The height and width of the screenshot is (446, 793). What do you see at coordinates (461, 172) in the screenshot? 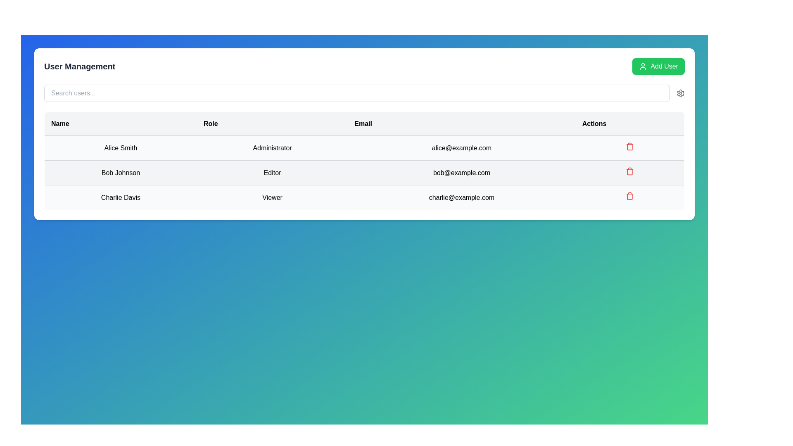
I see `the static text element displaying the email address 'bob@example.com' in the user management table, which is centered in the 'Email' column of the second row` at bounding box center [461, 172].